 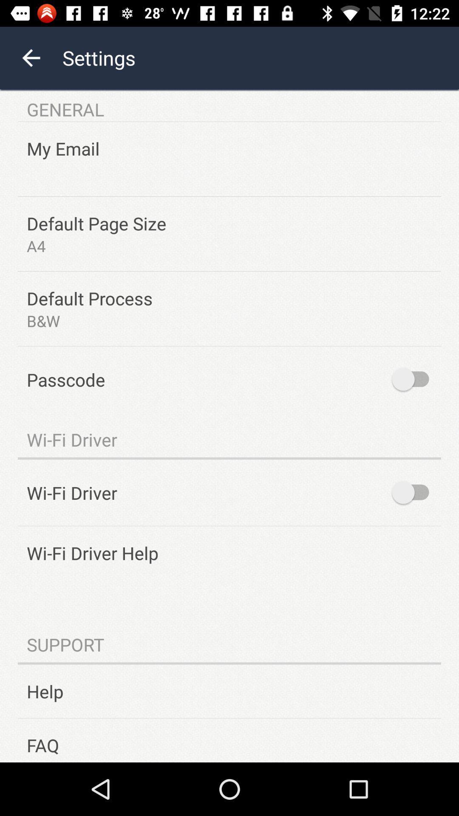 I want to click on the arrow_backward icon, so click(x=31, y=57).